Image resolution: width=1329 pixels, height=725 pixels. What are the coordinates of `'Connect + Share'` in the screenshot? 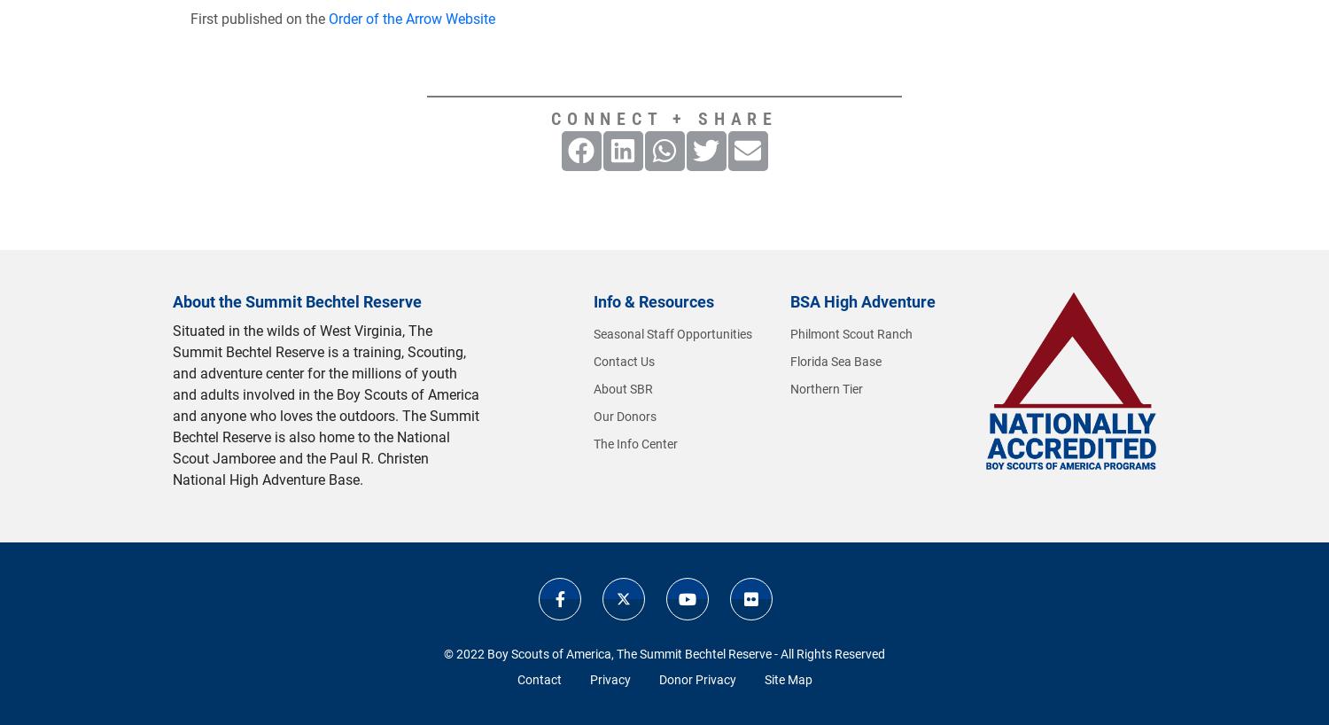 It's located at (664, 118).